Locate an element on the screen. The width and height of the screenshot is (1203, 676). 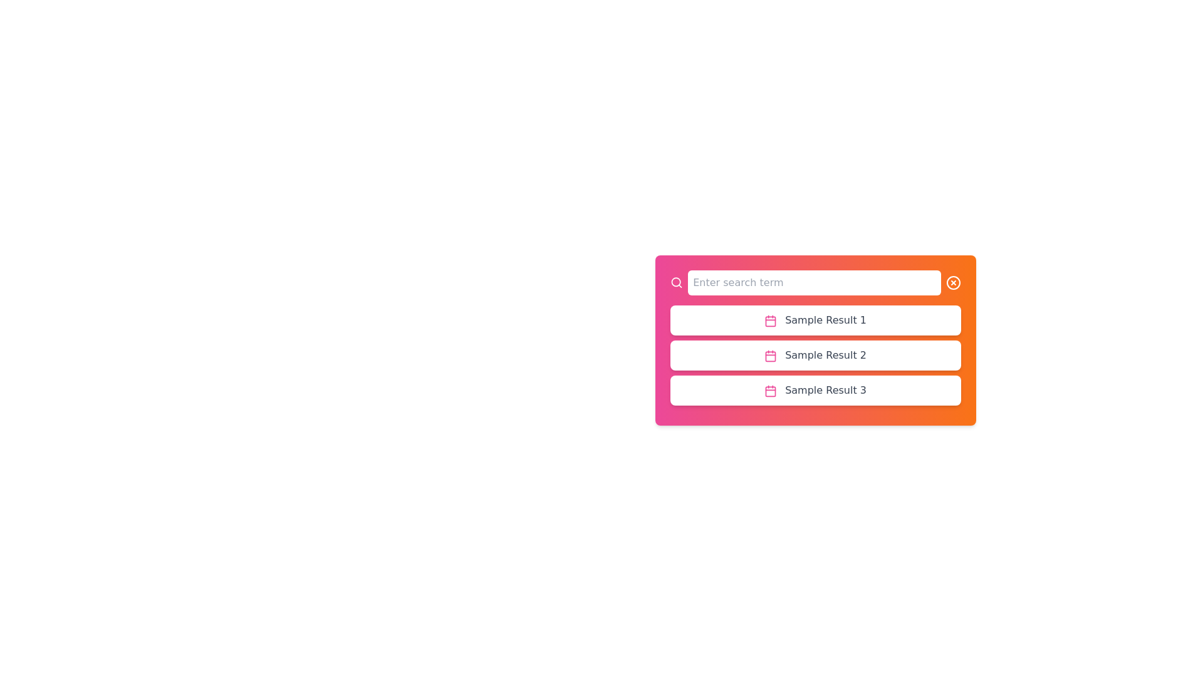
the third selectable result option in the search interface is located at coordinates (815, 390).